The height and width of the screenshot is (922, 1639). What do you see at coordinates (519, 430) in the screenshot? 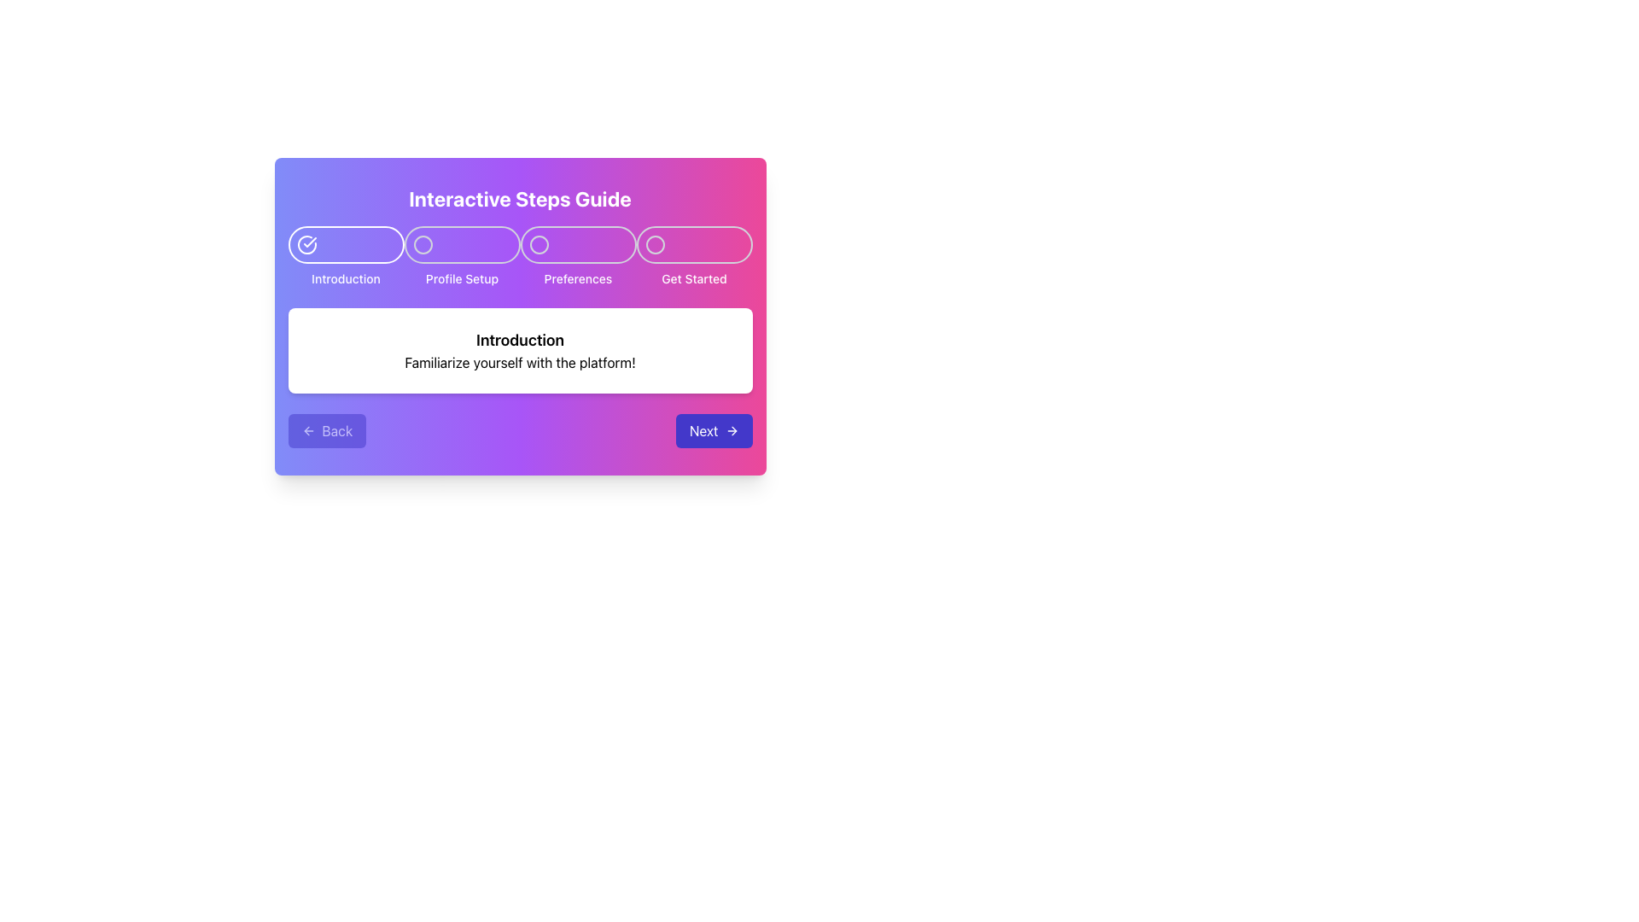
I see `the interactive buttons in the navigation bar at the bottom of the interface to observe any hover effects` at bounding box center [519, 430].